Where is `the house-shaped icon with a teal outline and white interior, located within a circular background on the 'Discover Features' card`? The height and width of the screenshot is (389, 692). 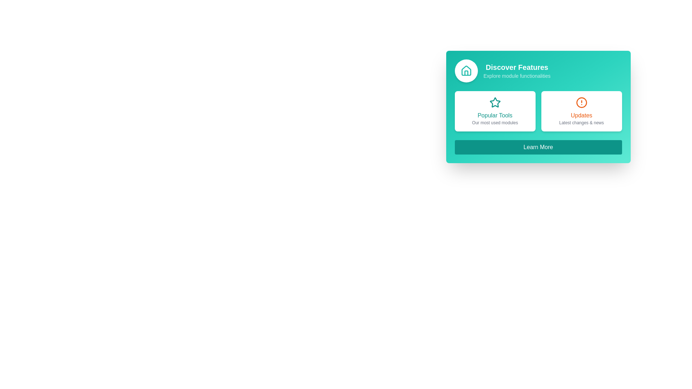 the house-shaped icon with a teal outline and white interior, located within a circular background on the 'Discover Features' card is located at coordinates (466, 71).